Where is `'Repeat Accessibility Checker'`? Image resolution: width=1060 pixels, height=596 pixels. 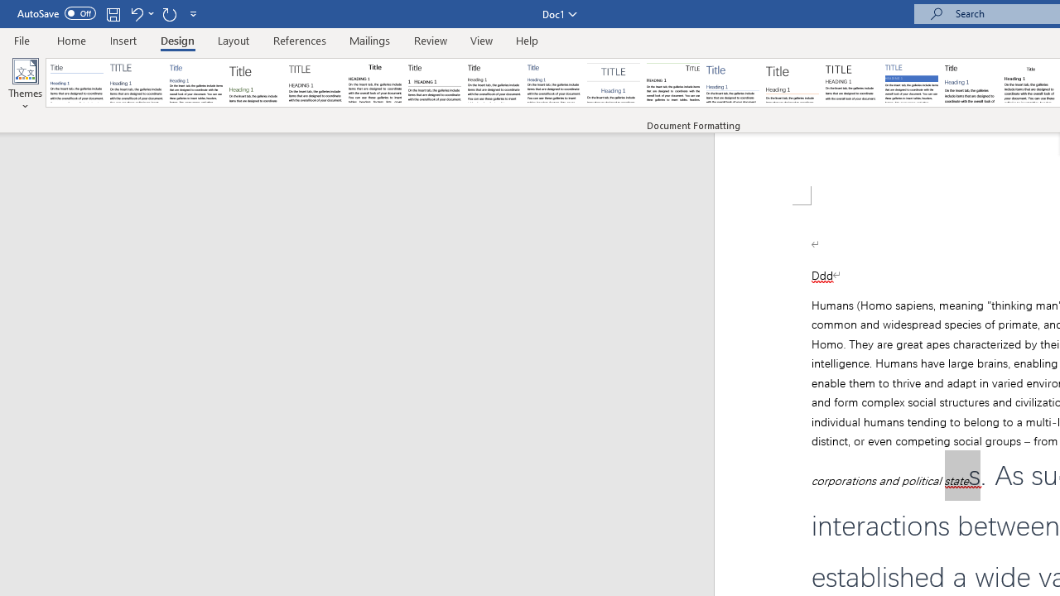 'Repeat Accessibility Checker' is located at coordinates (169, 13).